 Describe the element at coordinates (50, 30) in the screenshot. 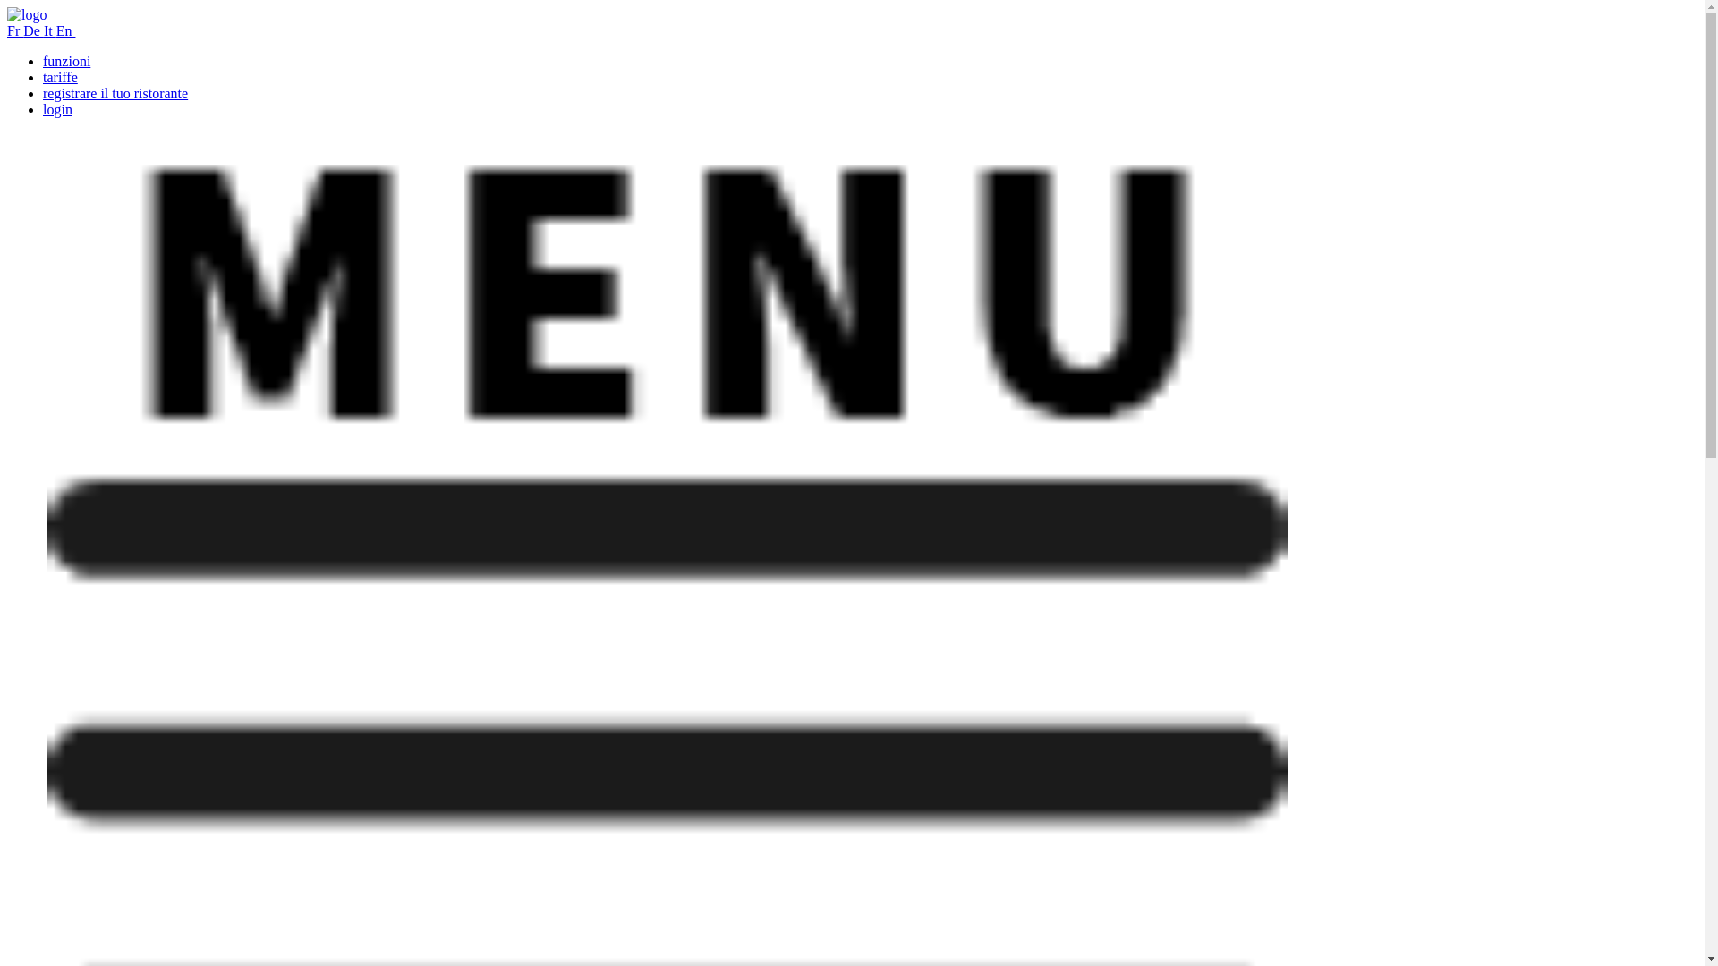

I see `'It'` at that location.